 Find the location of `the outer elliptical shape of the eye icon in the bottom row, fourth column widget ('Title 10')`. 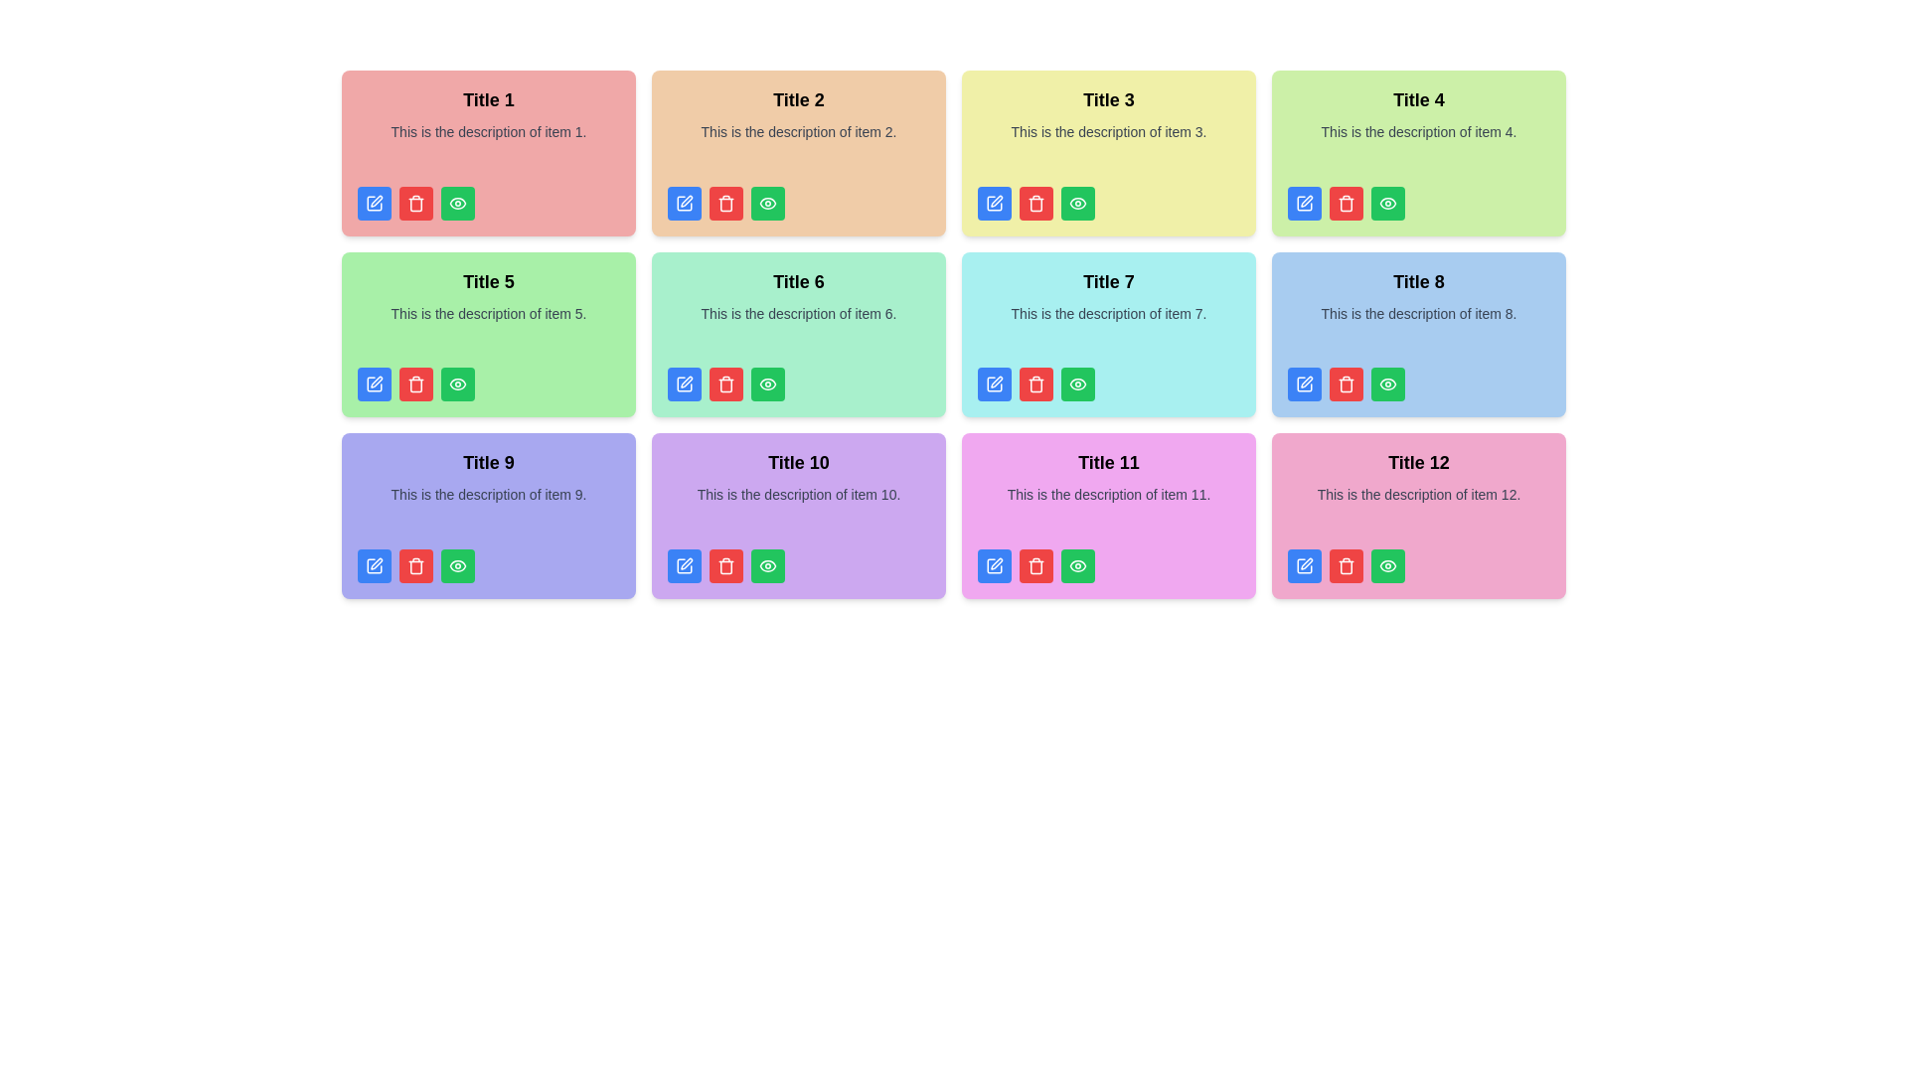

the outer elliptical shape of the eye icon in the bottom row, fourth column widget ('Title 10') is located at coordinates (766, 565).